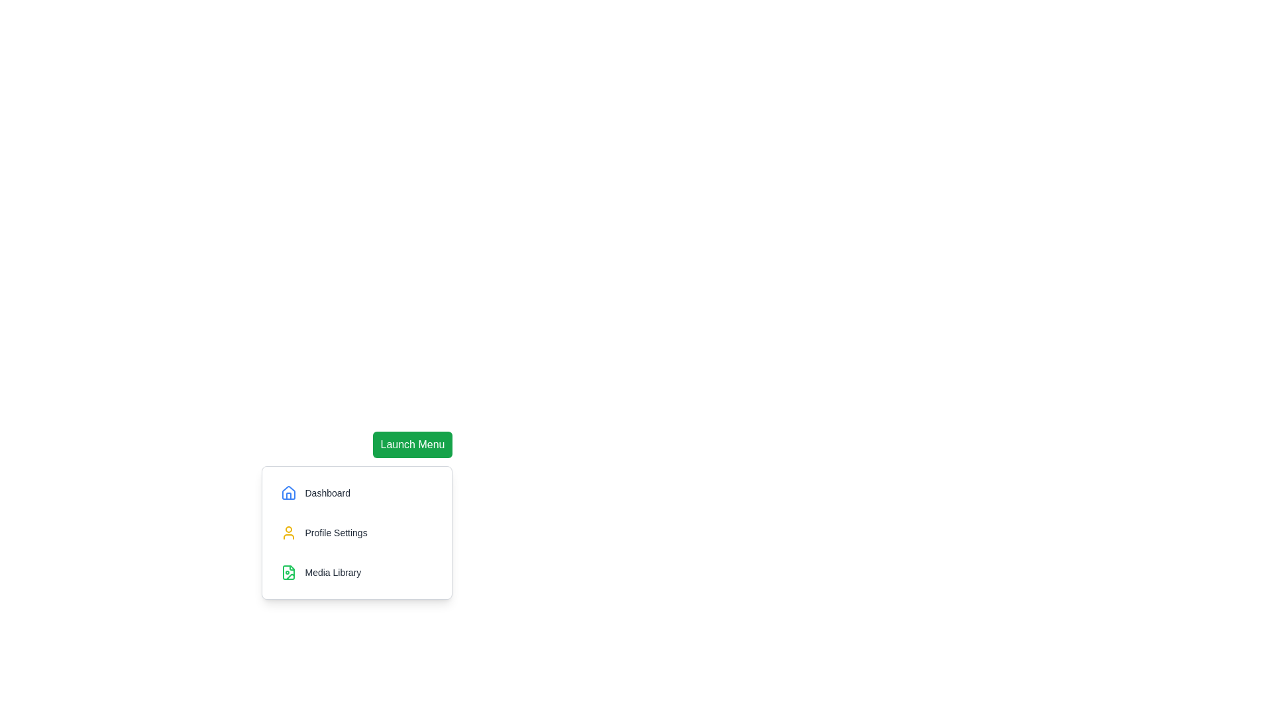  I want to click on the 'Dashboard' text element, which is displayed in a small, gray font and located to the right of a blue house icon in the vertical menu, so click(327, 493).